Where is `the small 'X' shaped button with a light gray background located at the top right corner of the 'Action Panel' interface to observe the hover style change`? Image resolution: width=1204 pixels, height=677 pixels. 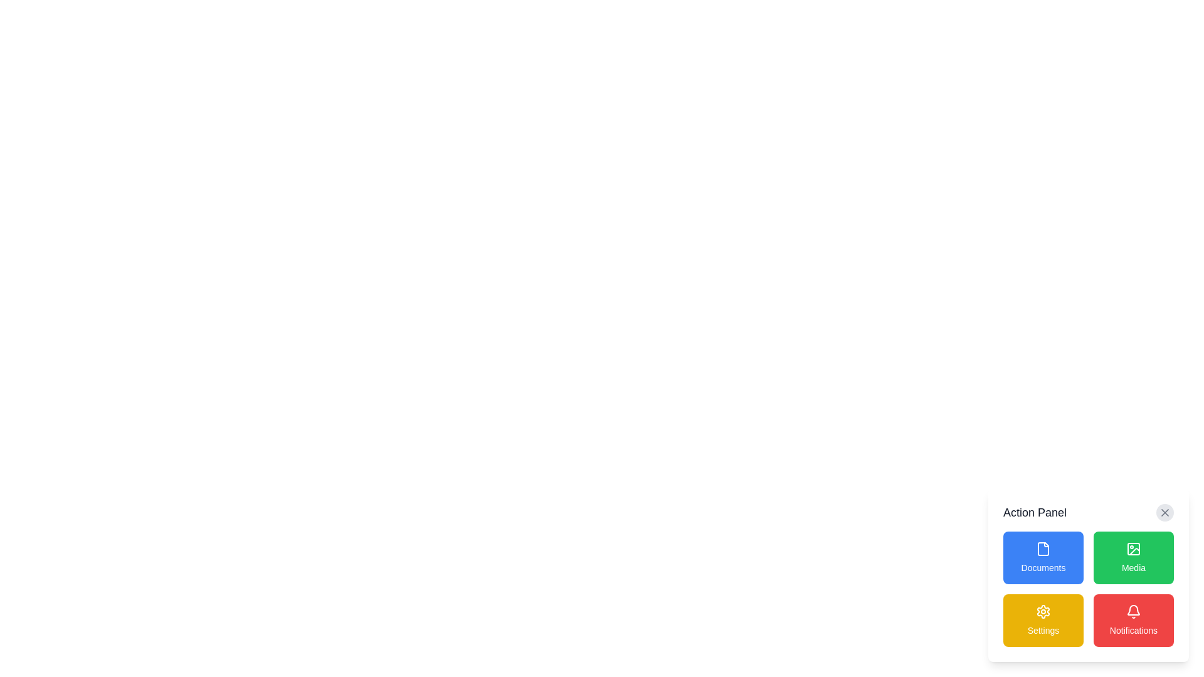 the small 'X' shaped button with a light gray background located at the top right corner of the 'Action Panel' interface to observe the hover style change is located at coordinates (1164, 512).